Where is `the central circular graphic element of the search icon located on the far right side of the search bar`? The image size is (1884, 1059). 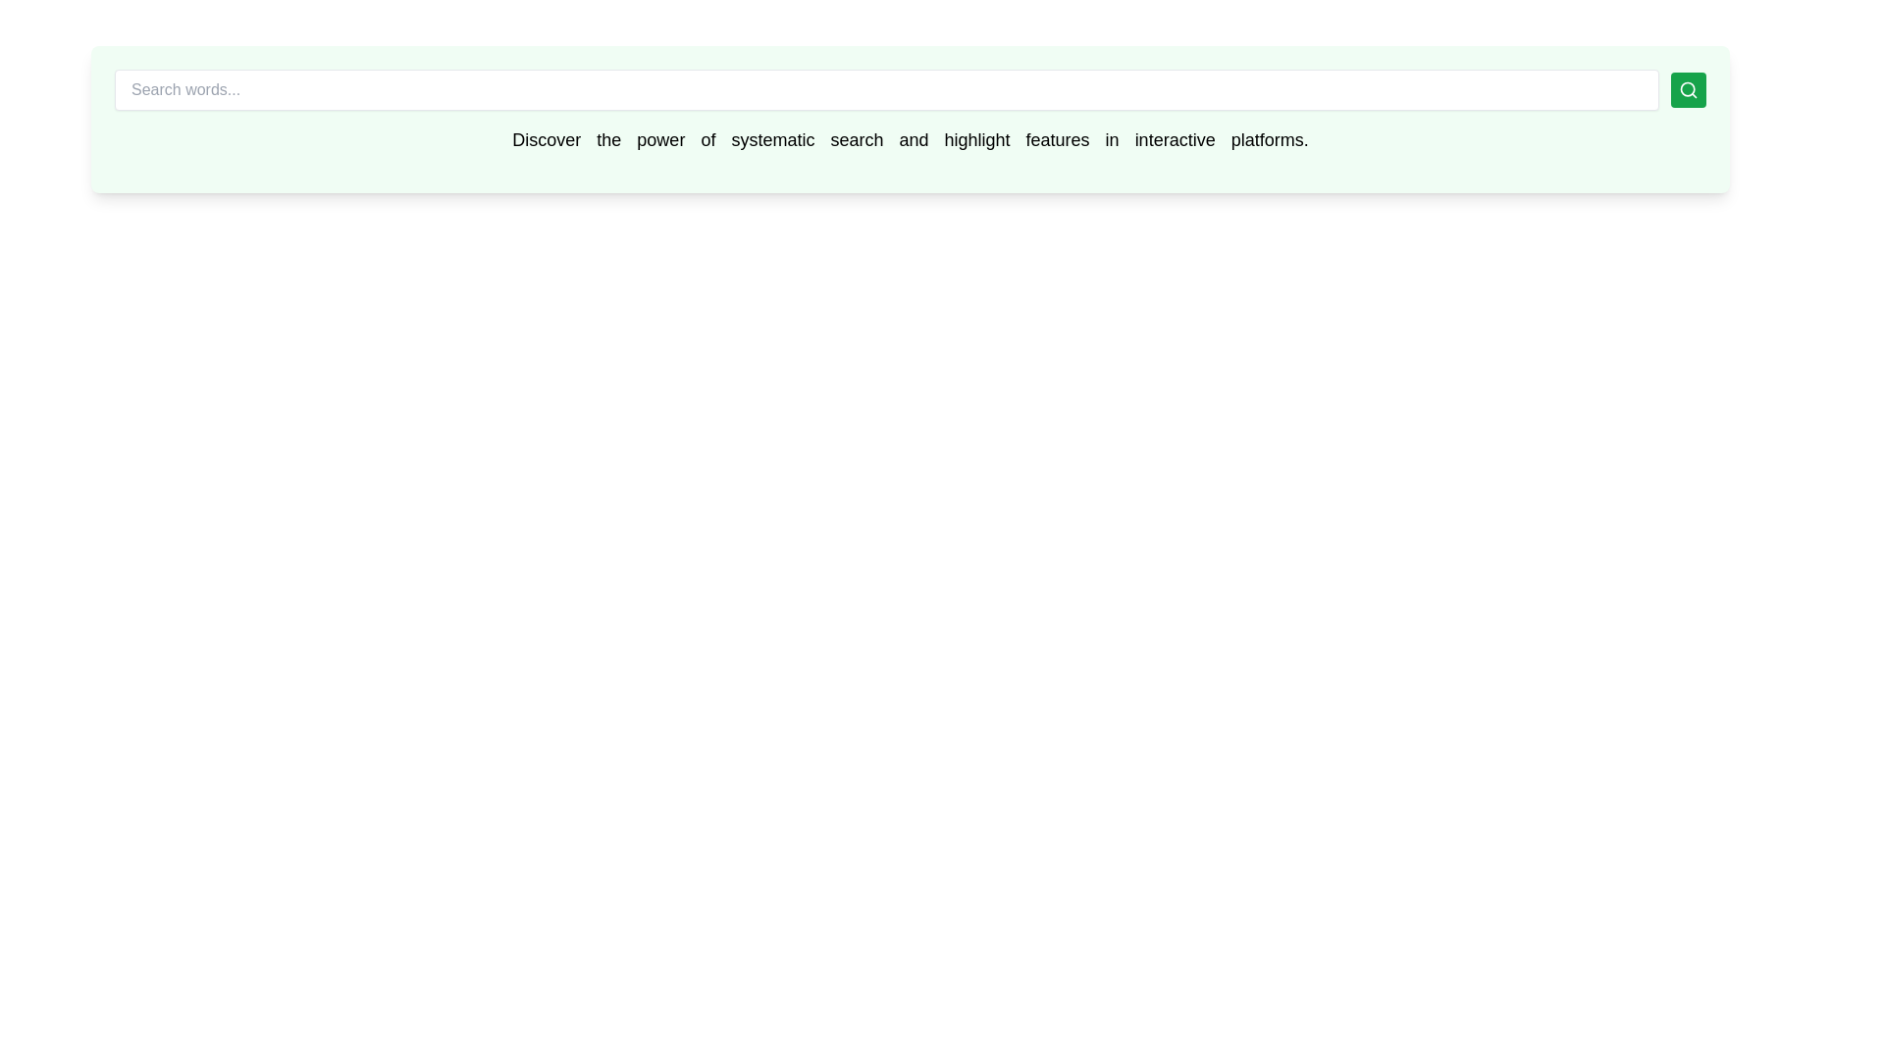 the central circular graphic element of the search icon located on the far right side of the search bar is located at coordinates (1687, 89).